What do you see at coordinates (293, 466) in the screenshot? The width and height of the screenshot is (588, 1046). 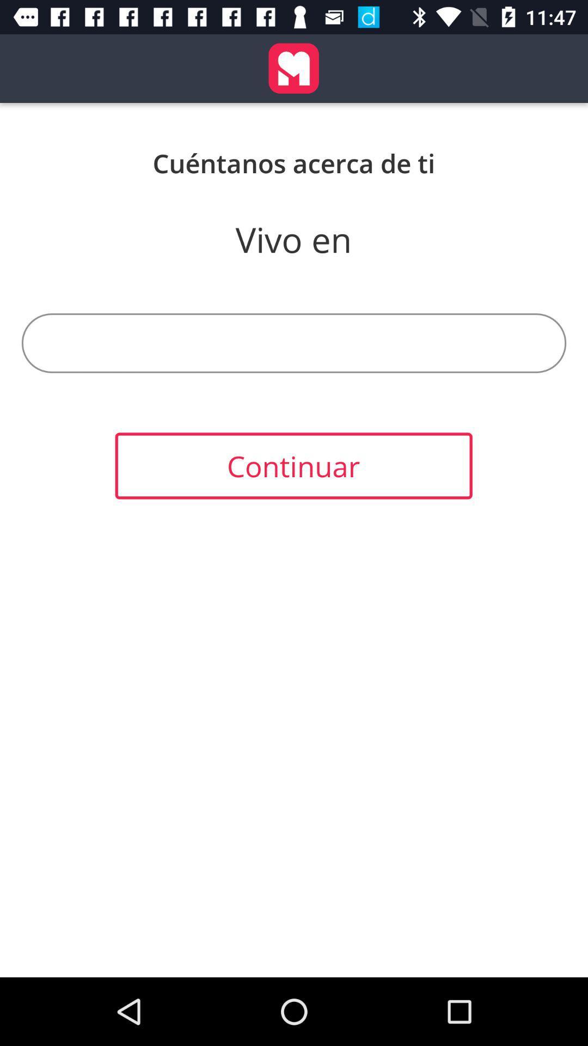 I see `the continuar item` at bounding box center [293, 466].